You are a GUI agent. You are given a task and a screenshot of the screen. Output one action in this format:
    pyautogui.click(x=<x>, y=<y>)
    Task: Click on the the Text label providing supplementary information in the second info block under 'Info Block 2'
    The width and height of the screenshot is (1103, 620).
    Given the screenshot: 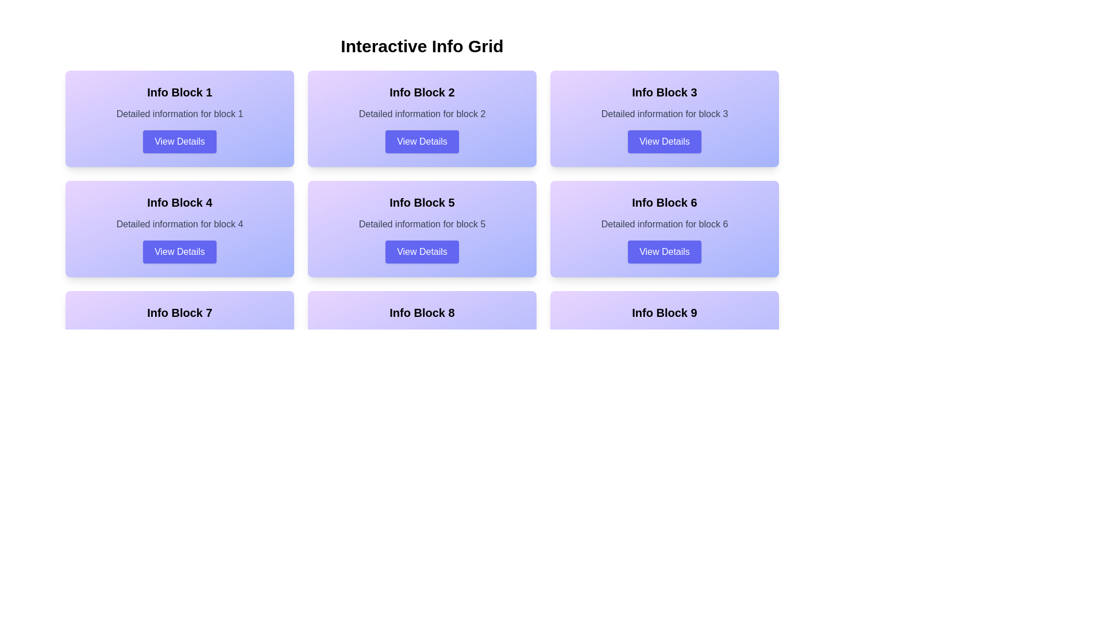 What is the action you would take?
    pyautogui.click(x=421, y=114)
    